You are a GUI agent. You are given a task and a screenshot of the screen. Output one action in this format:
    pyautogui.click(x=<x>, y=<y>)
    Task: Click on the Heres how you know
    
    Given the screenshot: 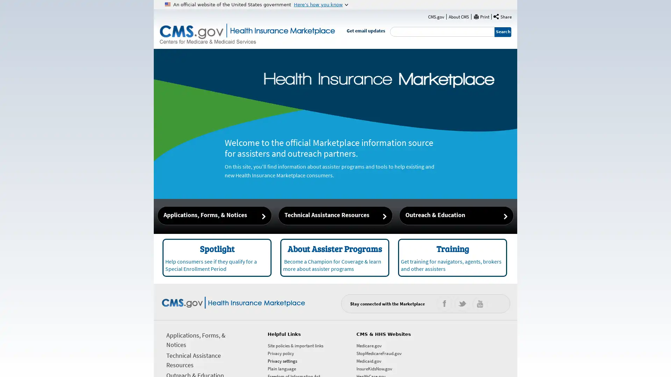 What is the action you would take?
    pyautogui.click(x=320, y=4)
    